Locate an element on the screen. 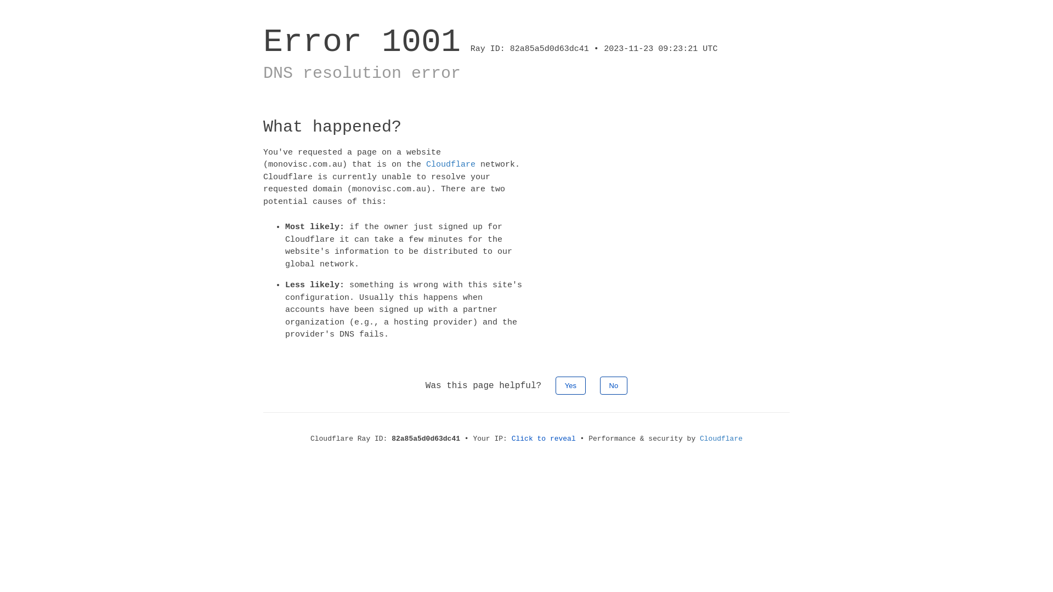  'Click to reveal' is located at coordinates (511, 437).